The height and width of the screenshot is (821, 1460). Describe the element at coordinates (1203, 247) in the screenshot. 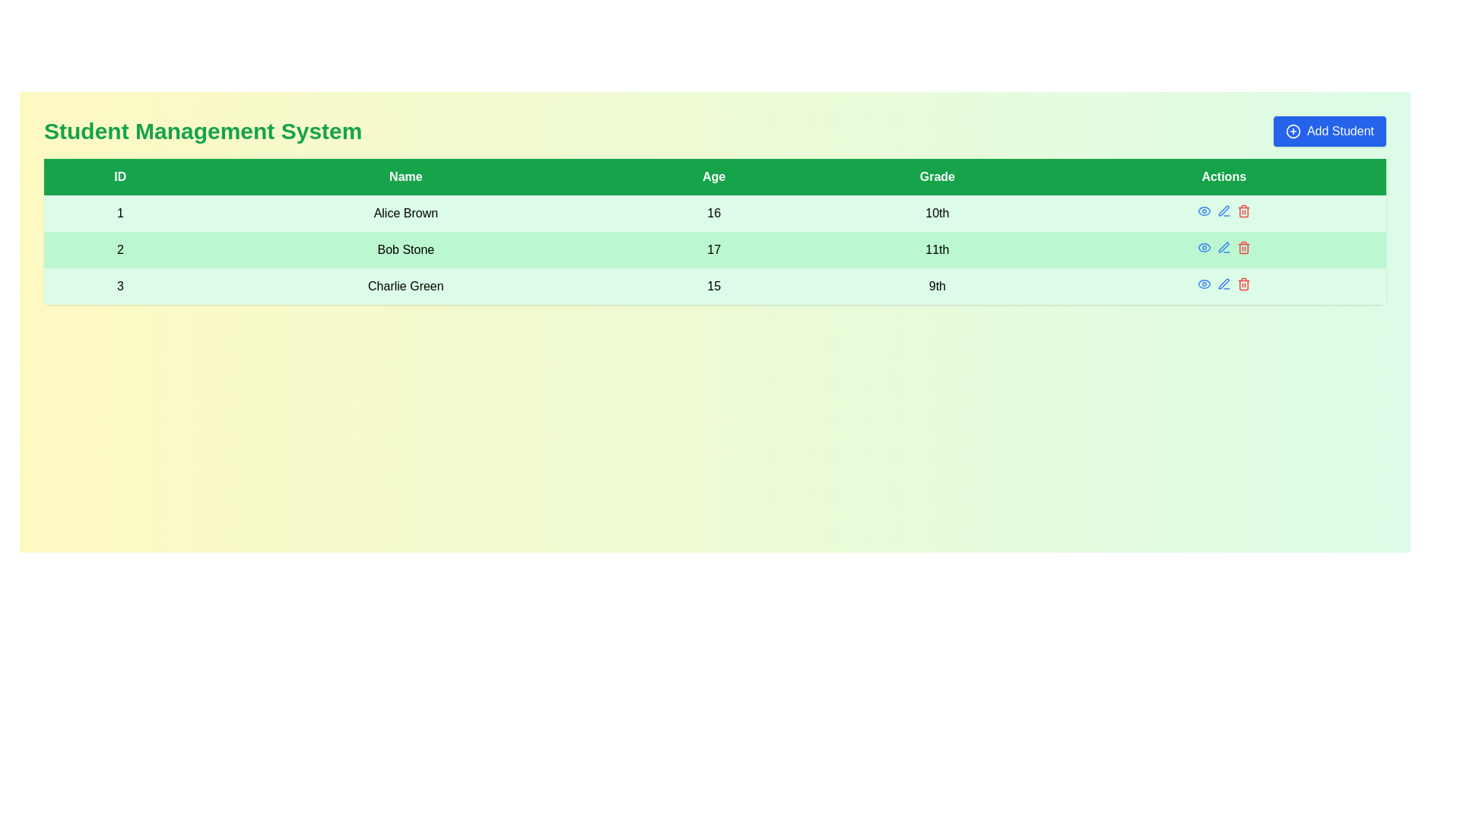

I see `the blue eye icon button located in the 'Actions' column of the second row of the table` at that location.